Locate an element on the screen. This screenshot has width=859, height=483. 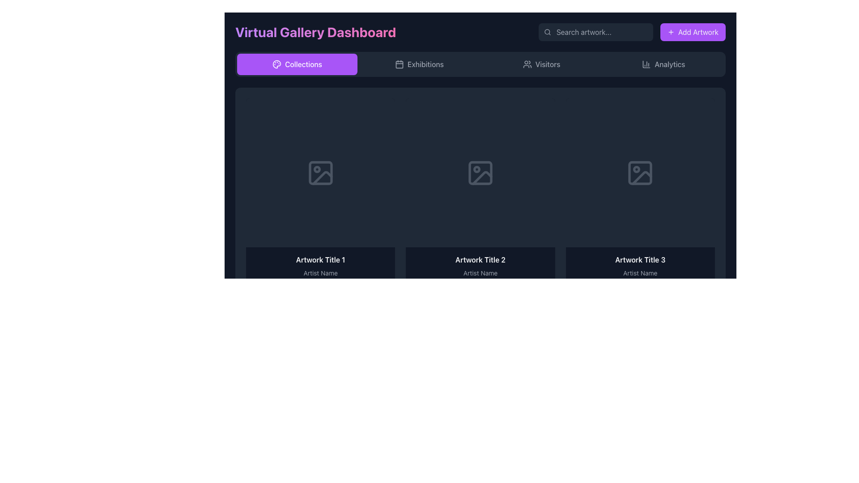
text content of the label displaying 'Artwork Title 2' in bold, positioned at the top of the center card in a three-card layout is located at coordinates (480, 260).